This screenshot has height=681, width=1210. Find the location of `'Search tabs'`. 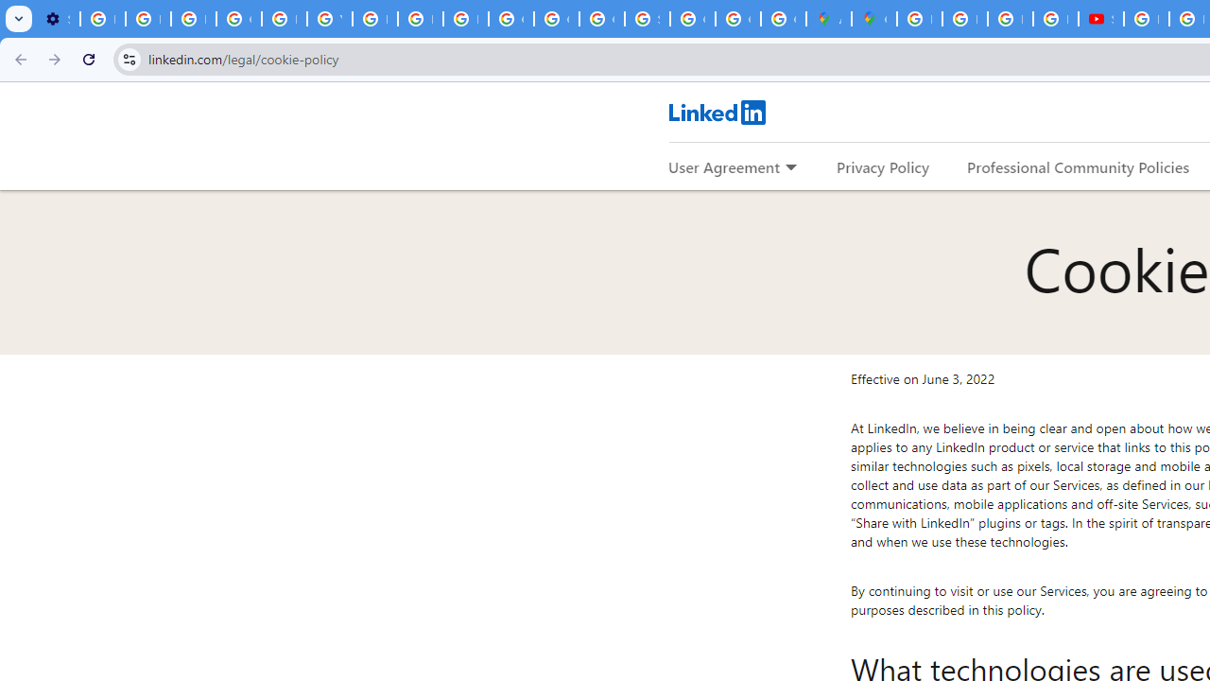

'Search tabs' is located at coordinates (19, 19).